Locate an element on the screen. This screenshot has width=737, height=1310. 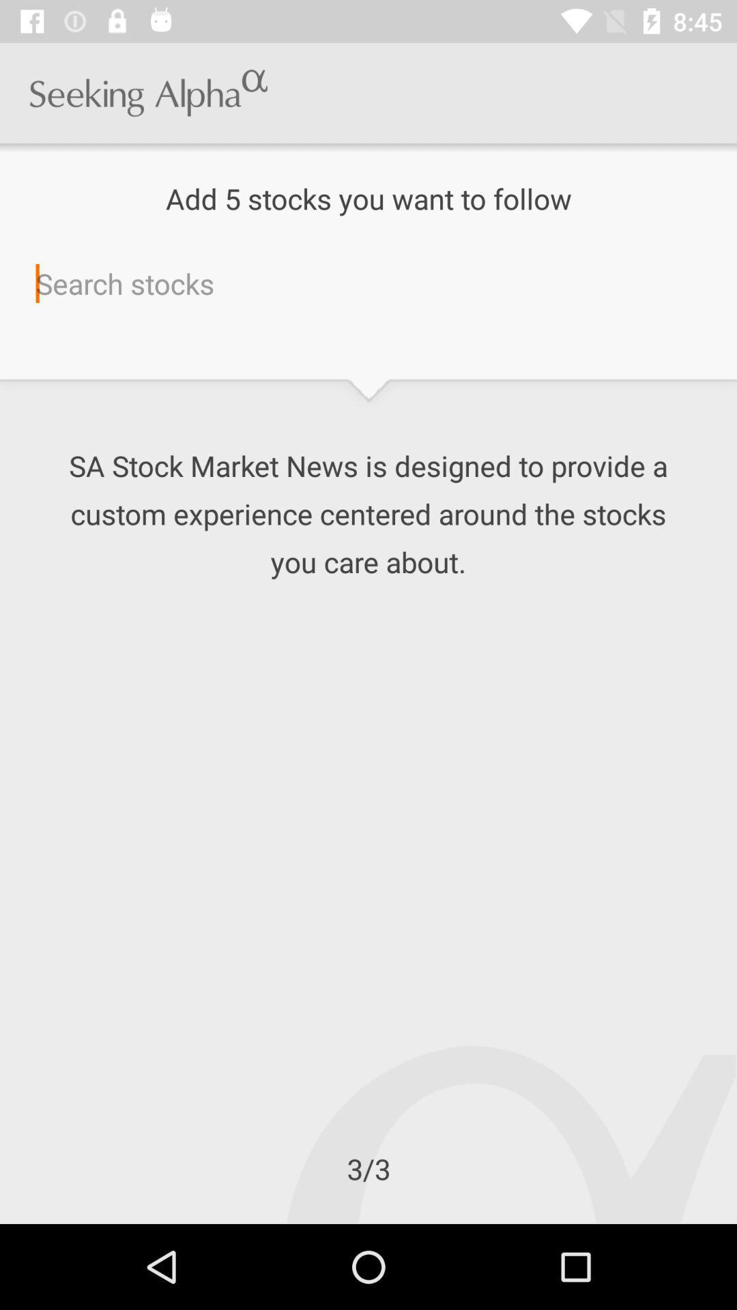
search terms is located at coordinates (369, 282).